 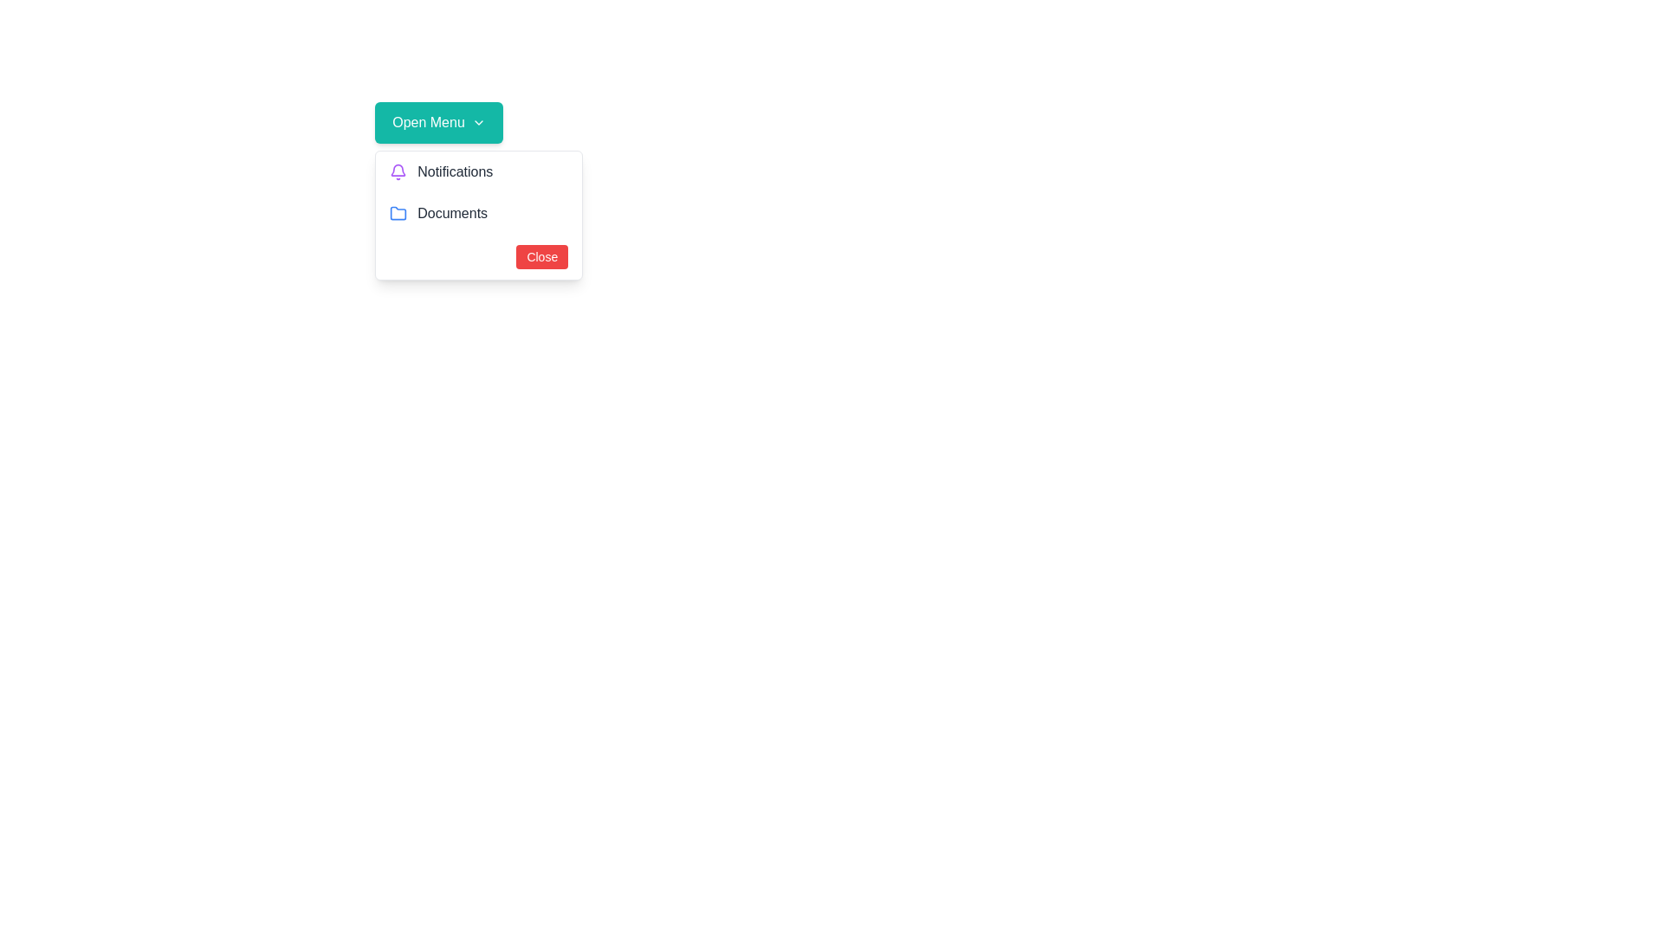 What do you see at coordinates (398, 212) in the screenshot?
I see `the 'Documents' icon located in the menu dropdown, positioned to the left of the 'Documents' label` at bounding box center [398, 212].